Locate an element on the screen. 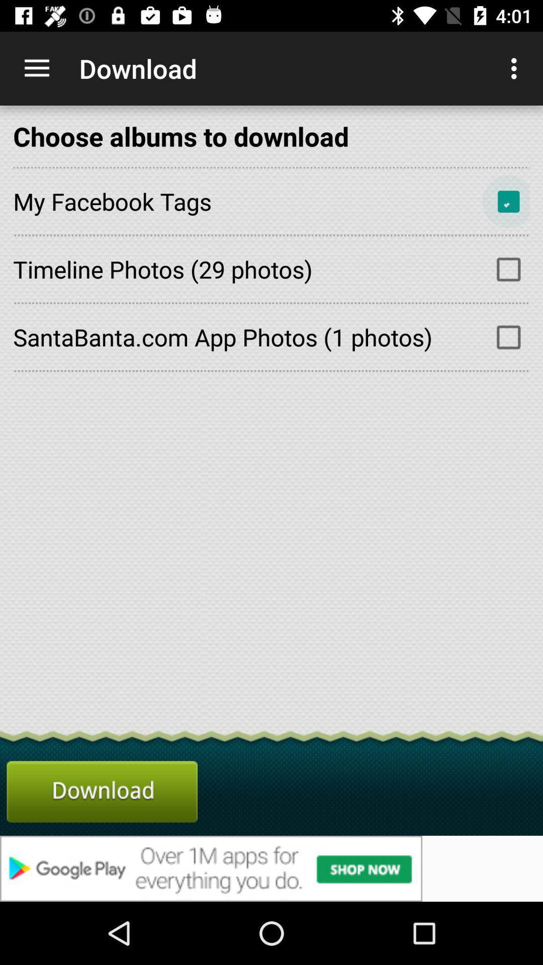  advertisement is located at coordinates (271, 868).